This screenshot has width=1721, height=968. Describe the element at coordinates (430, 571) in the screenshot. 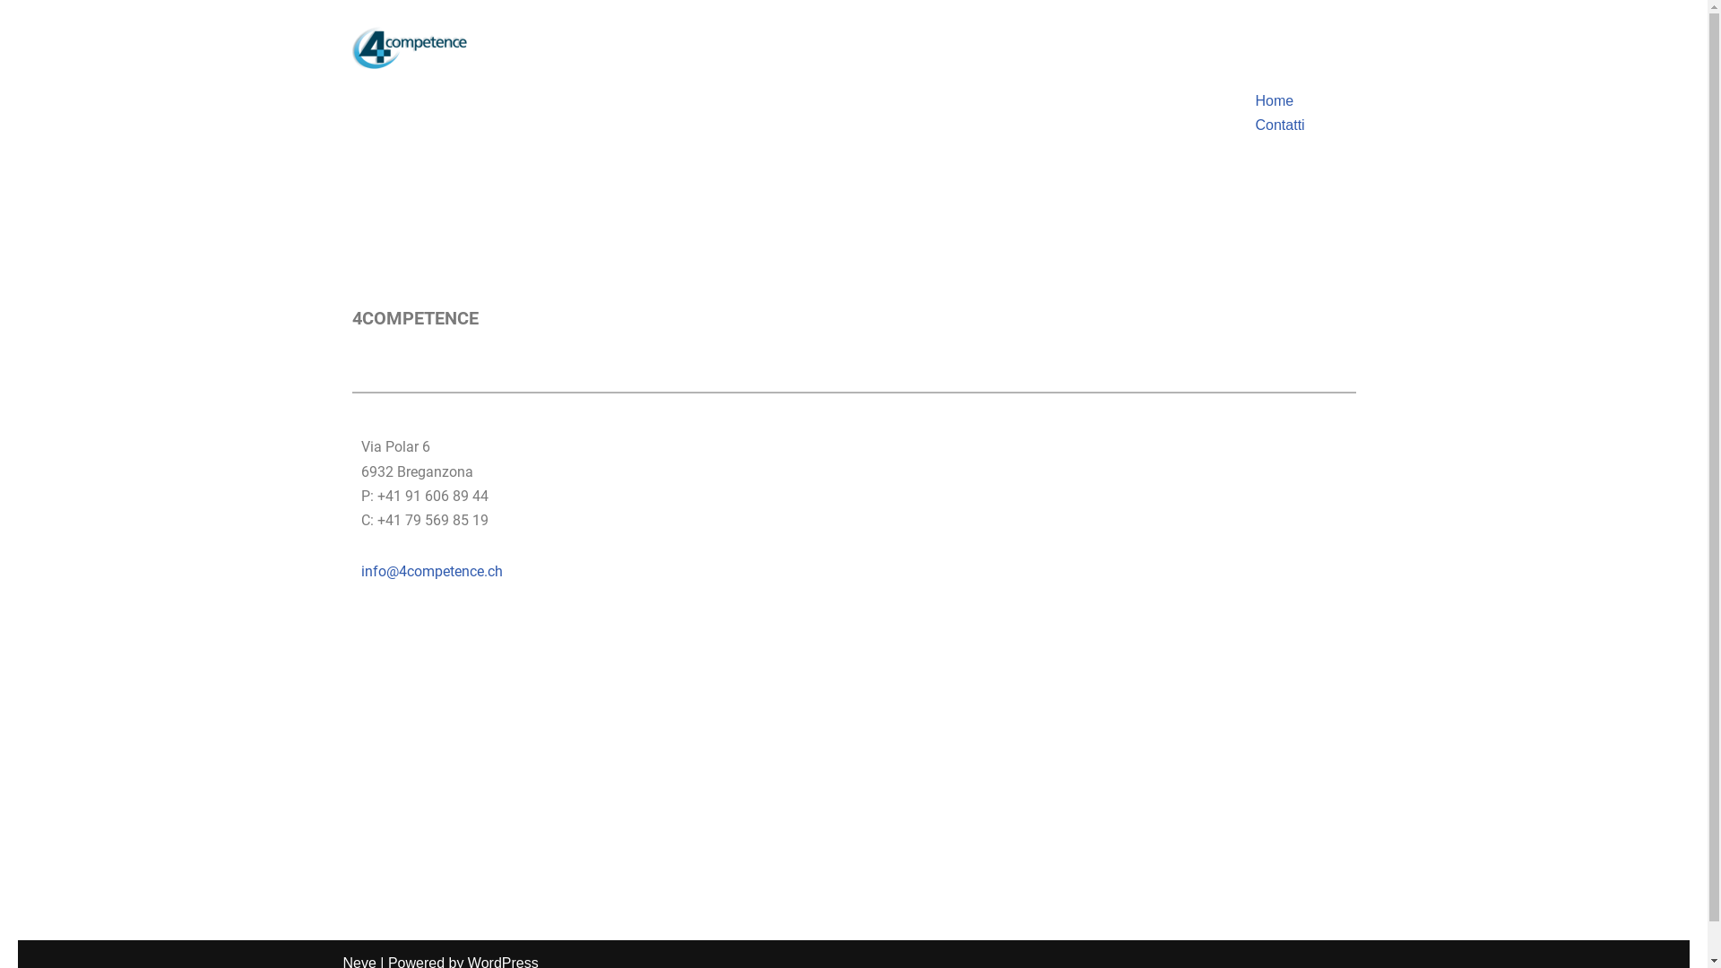

I see `'info@4competence.ch'` at that location.